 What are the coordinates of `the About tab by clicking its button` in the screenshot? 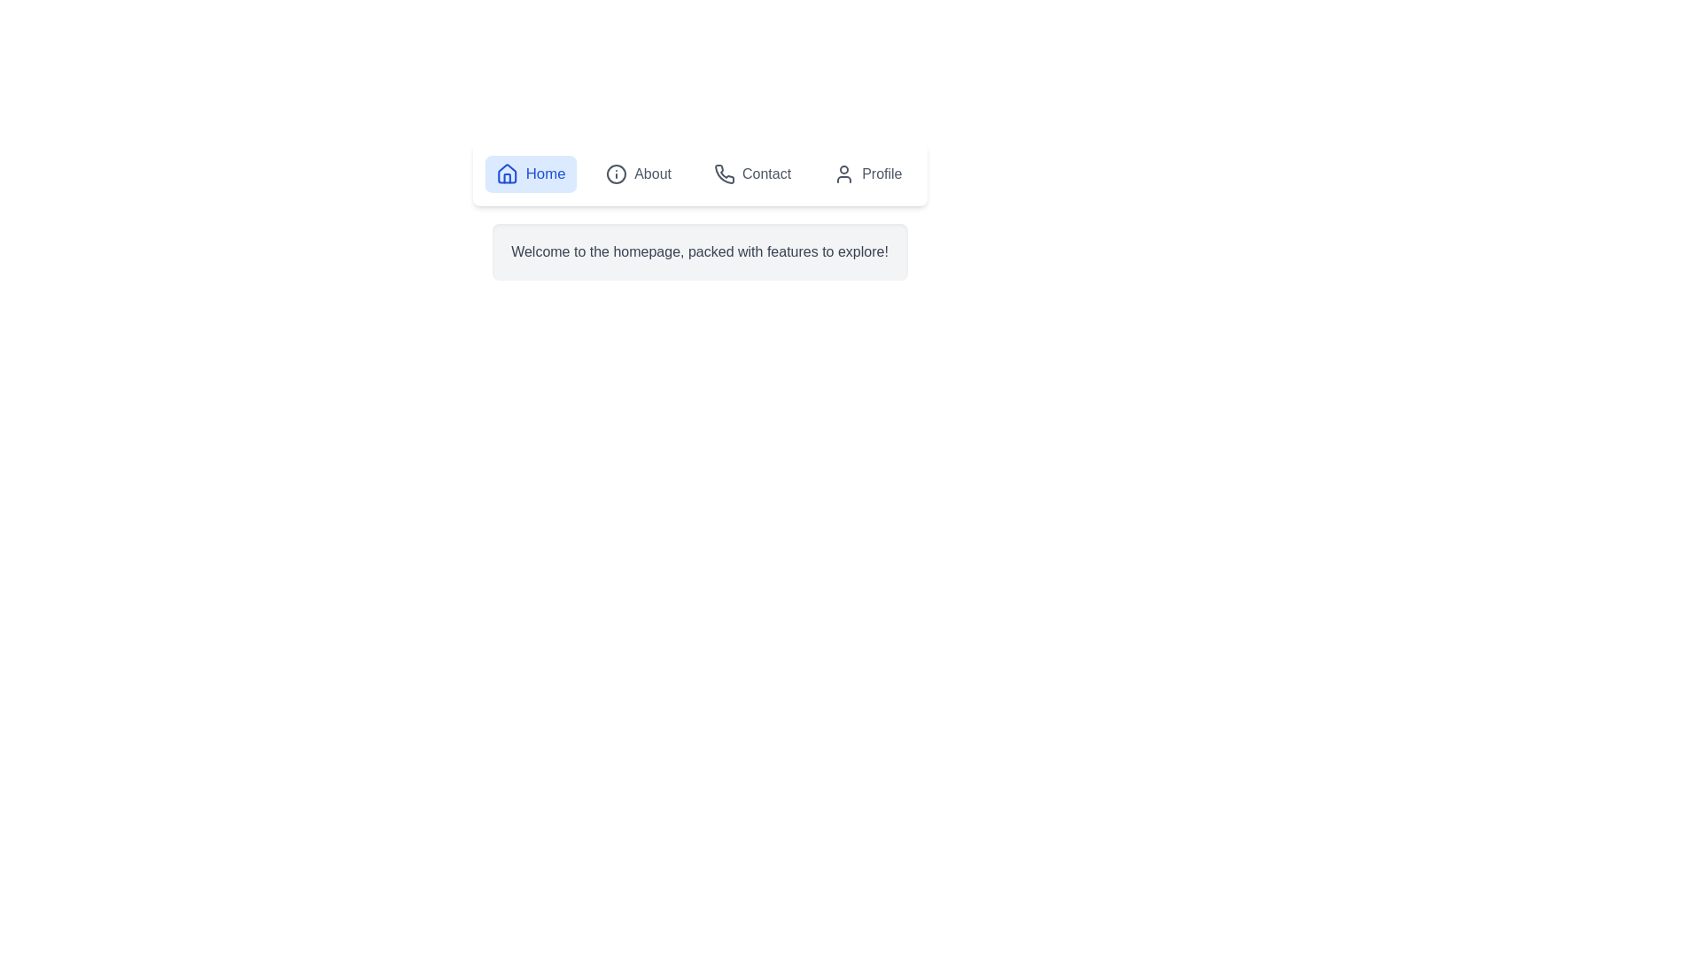 It's located at (638, 173).